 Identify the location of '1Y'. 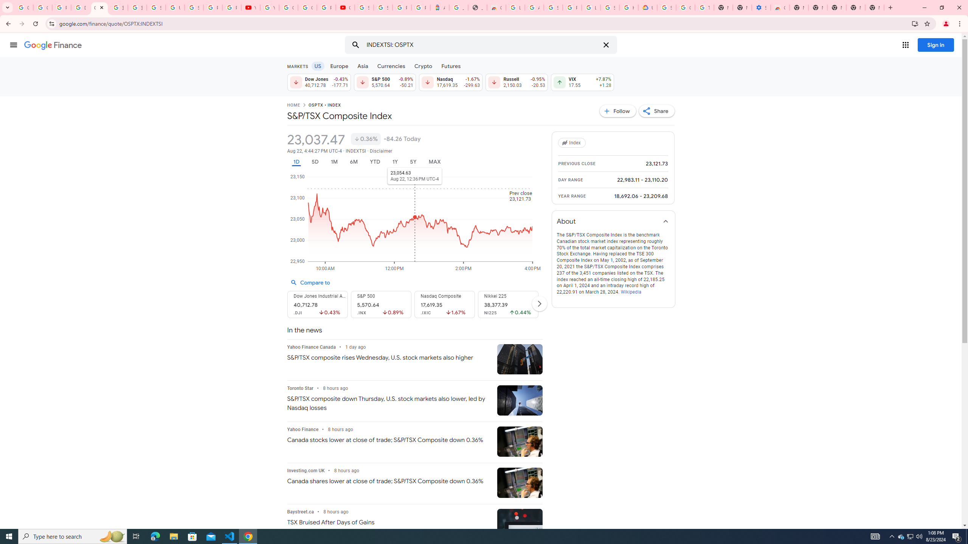
(395, 162).